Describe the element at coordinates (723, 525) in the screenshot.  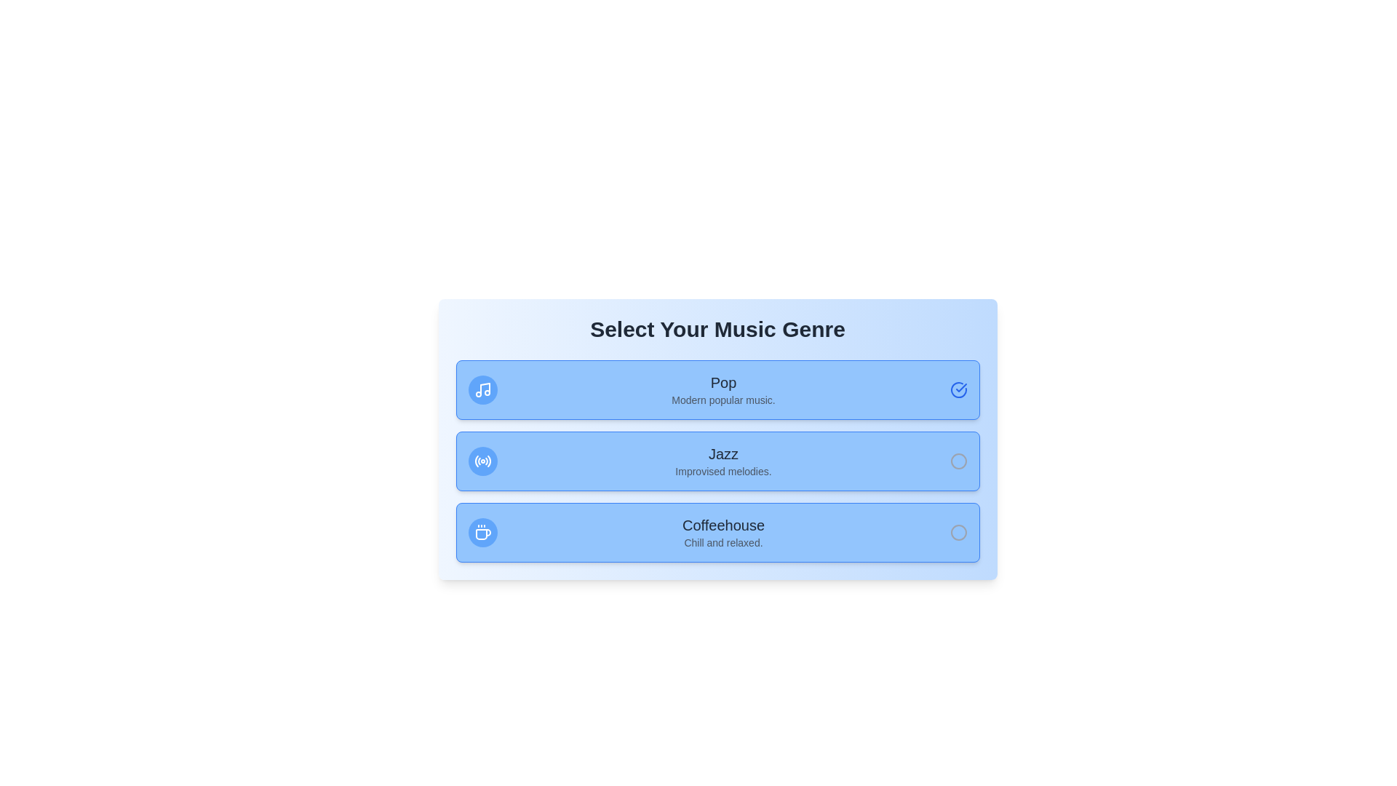
I see `the text label indicating the name of the music genre or theme, located beneath the coffee cup icon and above the 'Chill and relaxed' text, centered in the upper half of the third rectangular section` at that location.